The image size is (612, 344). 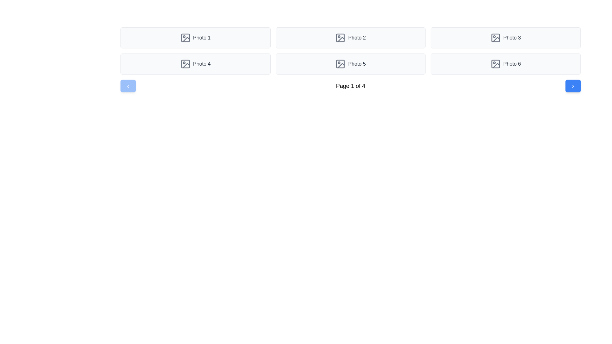 I want to click on the 'Photo 6' text label, which is styled in gray and located next to an image icon within a button-like structure, so click(x=512, y=64).